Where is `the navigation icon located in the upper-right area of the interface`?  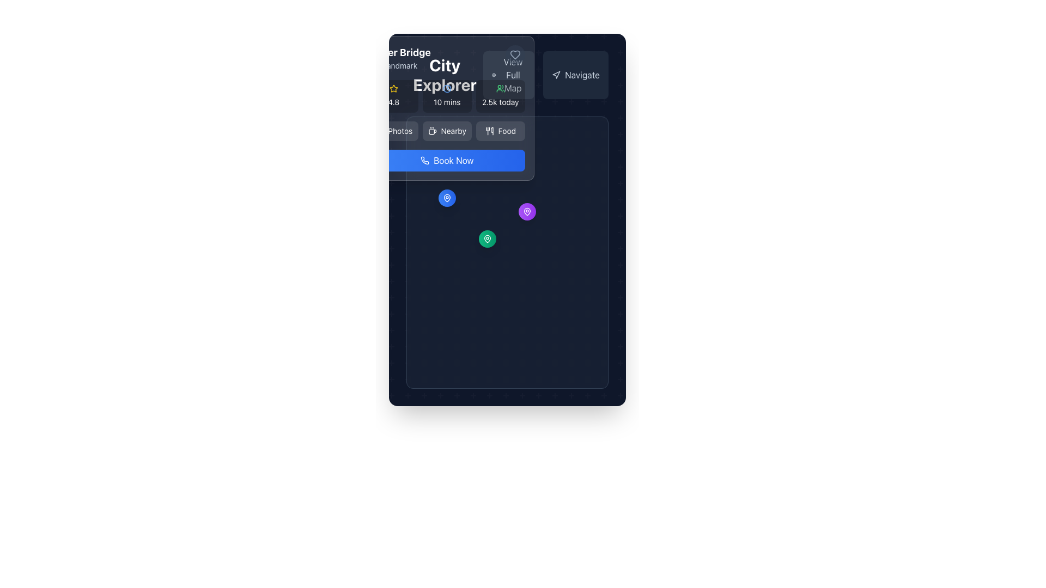
the navigation icon located in the upper-right area of the interface is located at coordinates (556, 74).